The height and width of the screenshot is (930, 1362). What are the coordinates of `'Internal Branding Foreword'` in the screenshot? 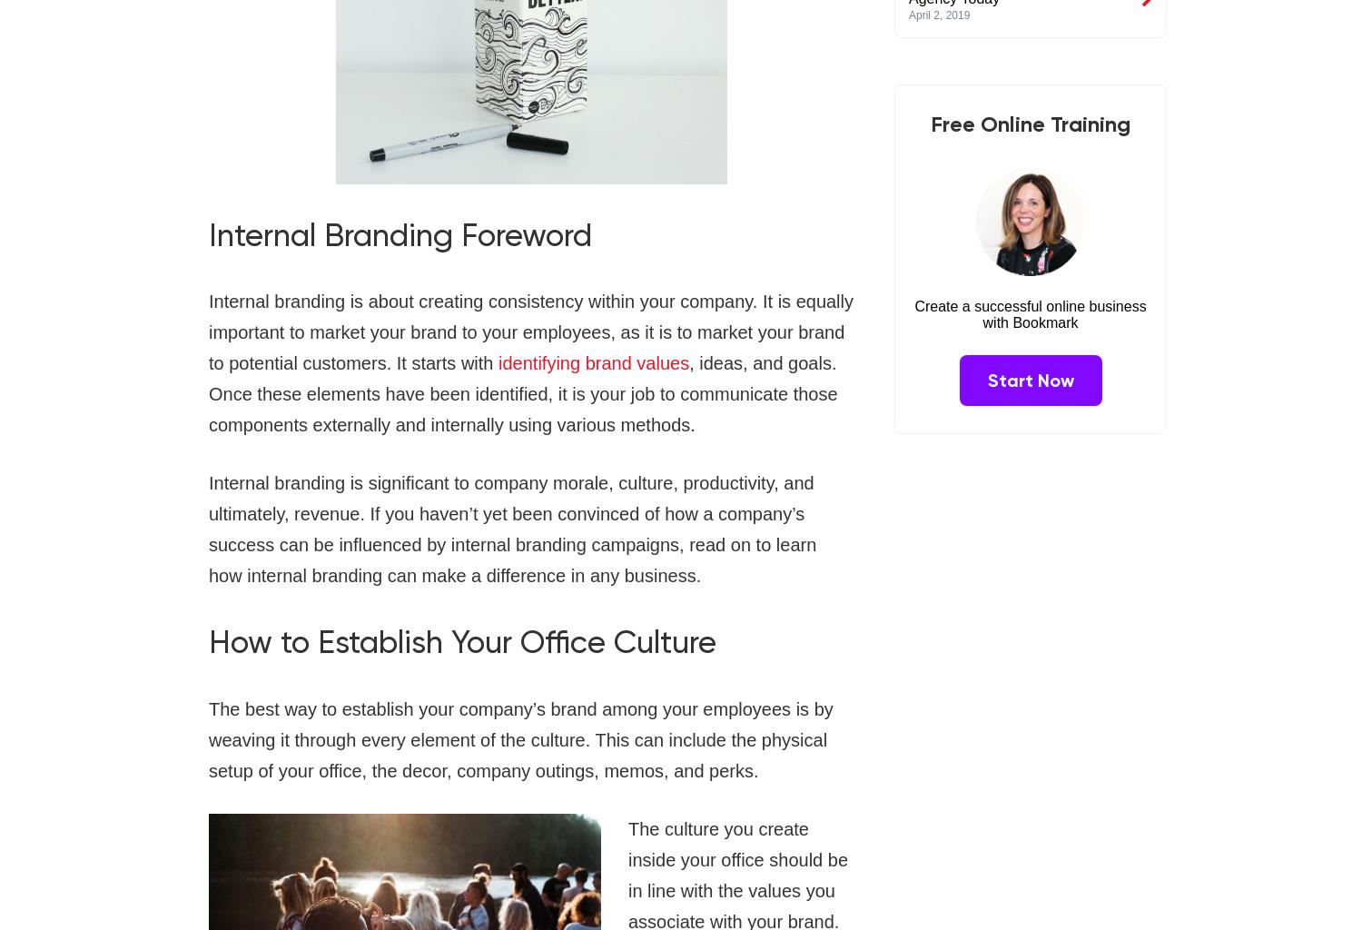 It's located at (207, 233).